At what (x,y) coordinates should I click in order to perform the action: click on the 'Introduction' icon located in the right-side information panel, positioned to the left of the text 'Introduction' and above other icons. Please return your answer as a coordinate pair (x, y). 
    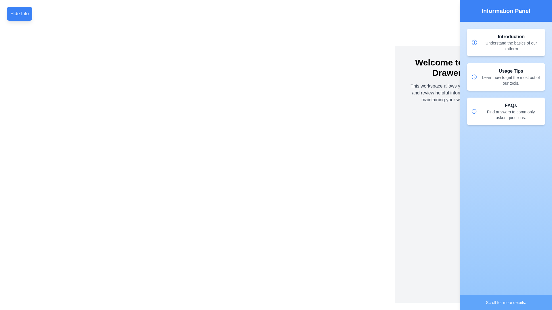
    Looking at the image, I should click on (474, 42).